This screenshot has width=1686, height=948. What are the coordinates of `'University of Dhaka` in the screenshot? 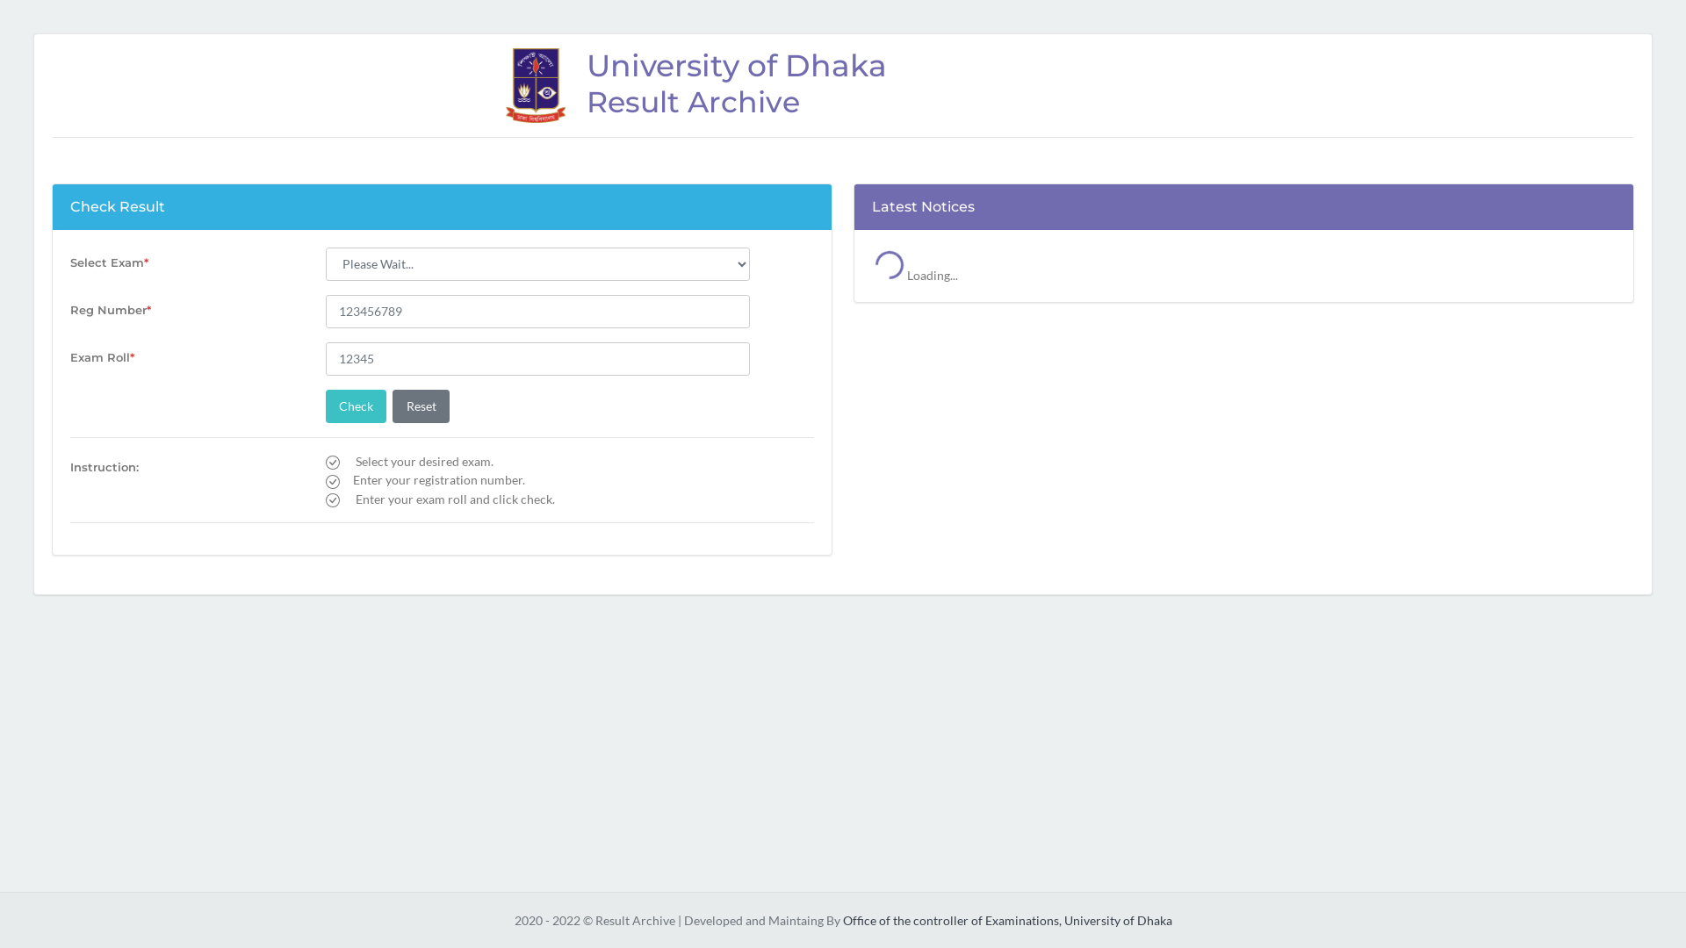 It's located at (841, 85).